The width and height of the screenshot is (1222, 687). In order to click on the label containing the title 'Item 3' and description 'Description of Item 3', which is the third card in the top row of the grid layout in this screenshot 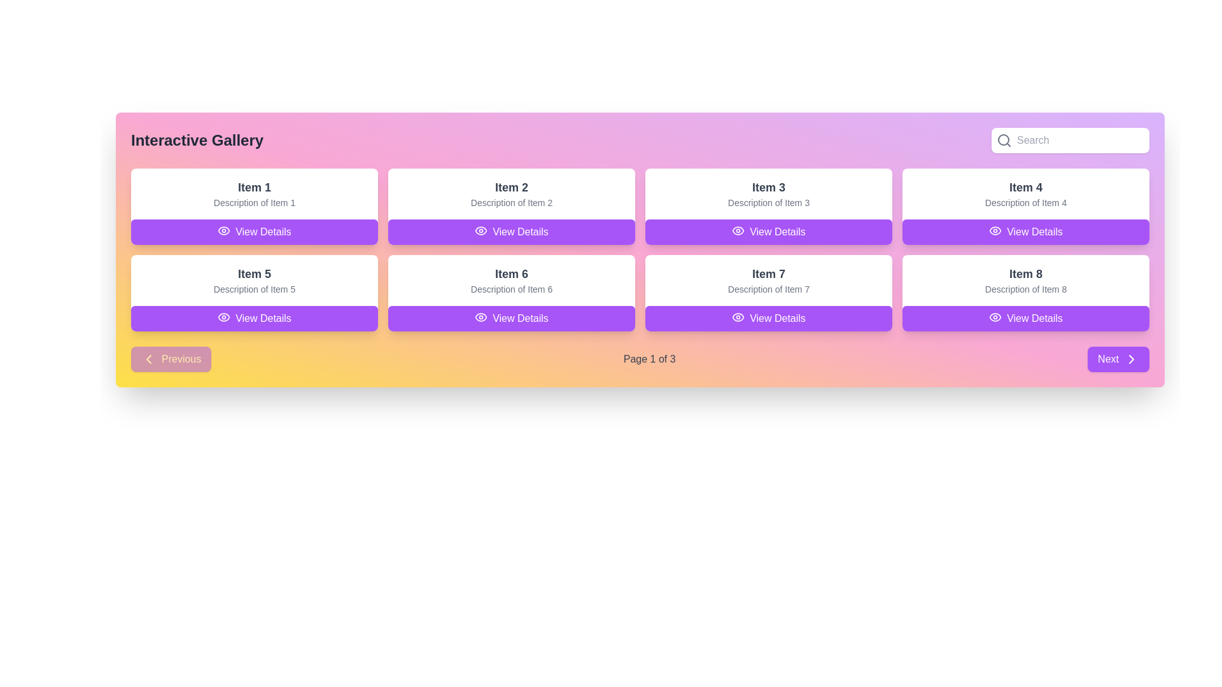, I will do `click(768, 193)`.